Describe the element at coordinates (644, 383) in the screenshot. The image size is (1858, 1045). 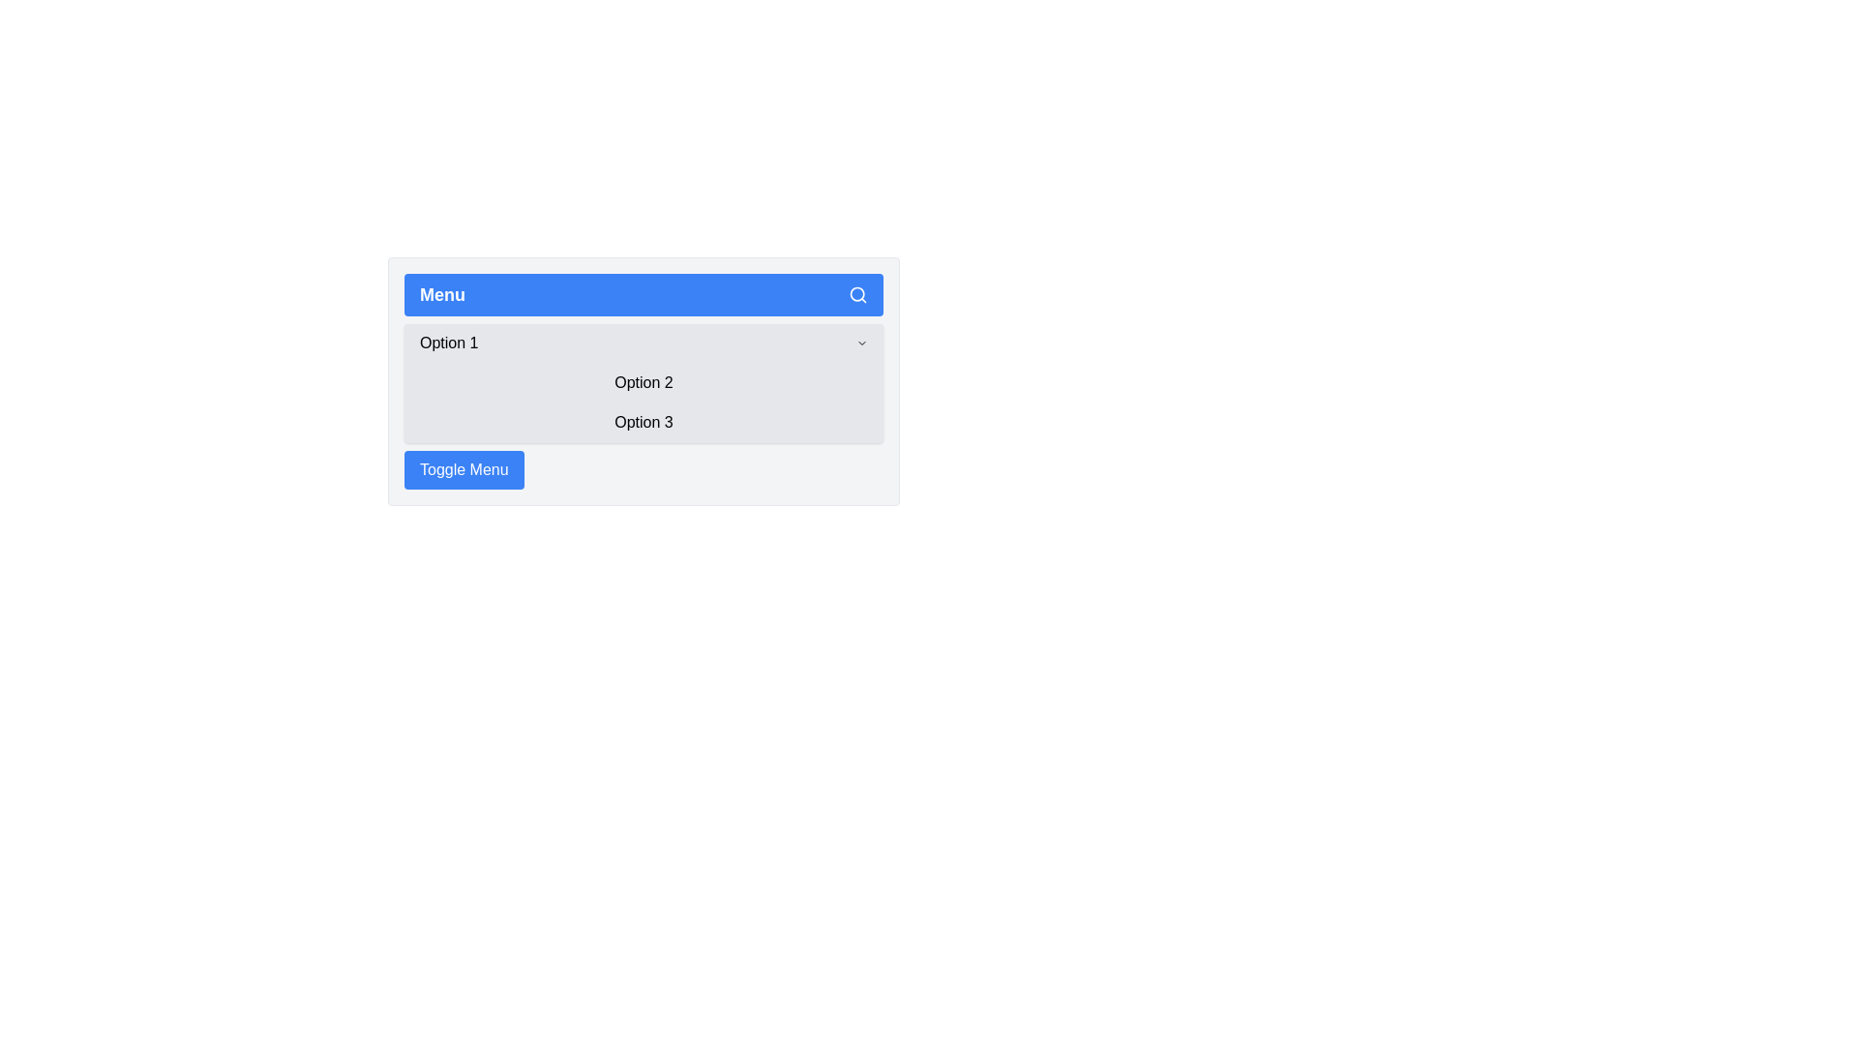
I see `an option within the dropdown menu located below the 'Menu' header and above the 'Toggle Menu' button` at that location.